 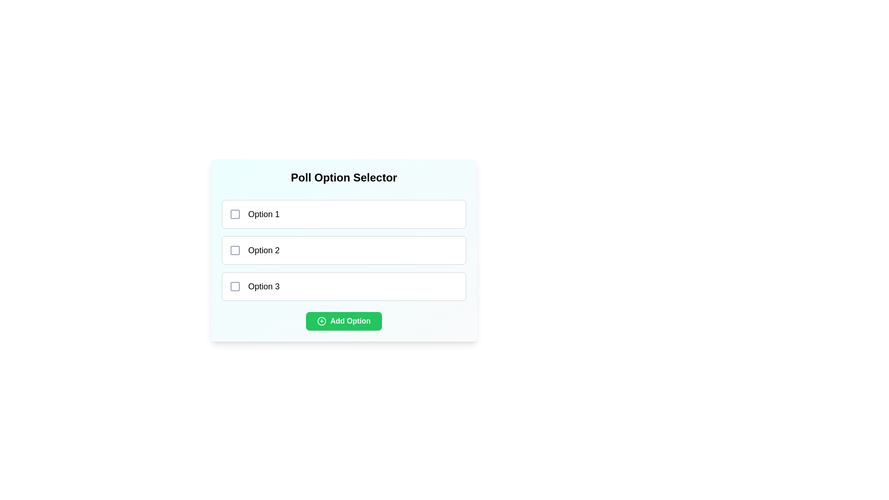 What do you see at coordinates (235, 286) in the screenshot?
I see `the checkbox corresponding to Option 3 to select it` at bounding box center [235, 286].